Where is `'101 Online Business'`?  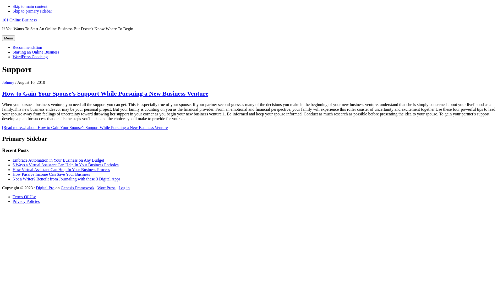
'101 Online Business' is located at coordinates (19, 20).